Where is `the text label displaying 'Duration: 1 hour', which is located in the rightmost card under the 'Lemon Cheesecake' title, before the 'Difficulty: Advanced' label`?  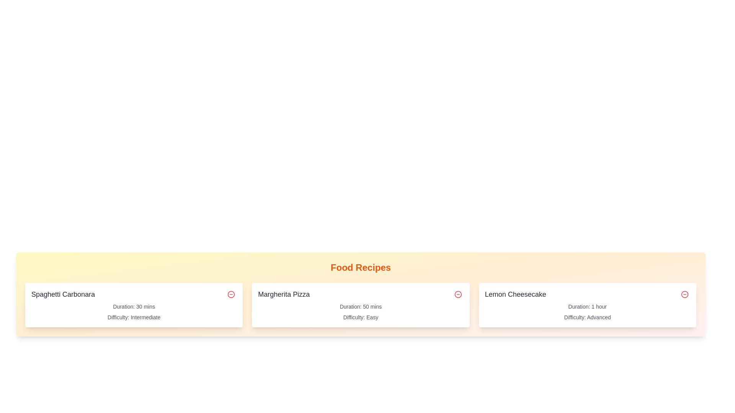 the text label displaying 'Duration: 1 hour', which is located in the rightmost card under the 'Lemon Cheesecake' title, before the 'Difficulty: Advanced' label is located at coordinates (587, 306).